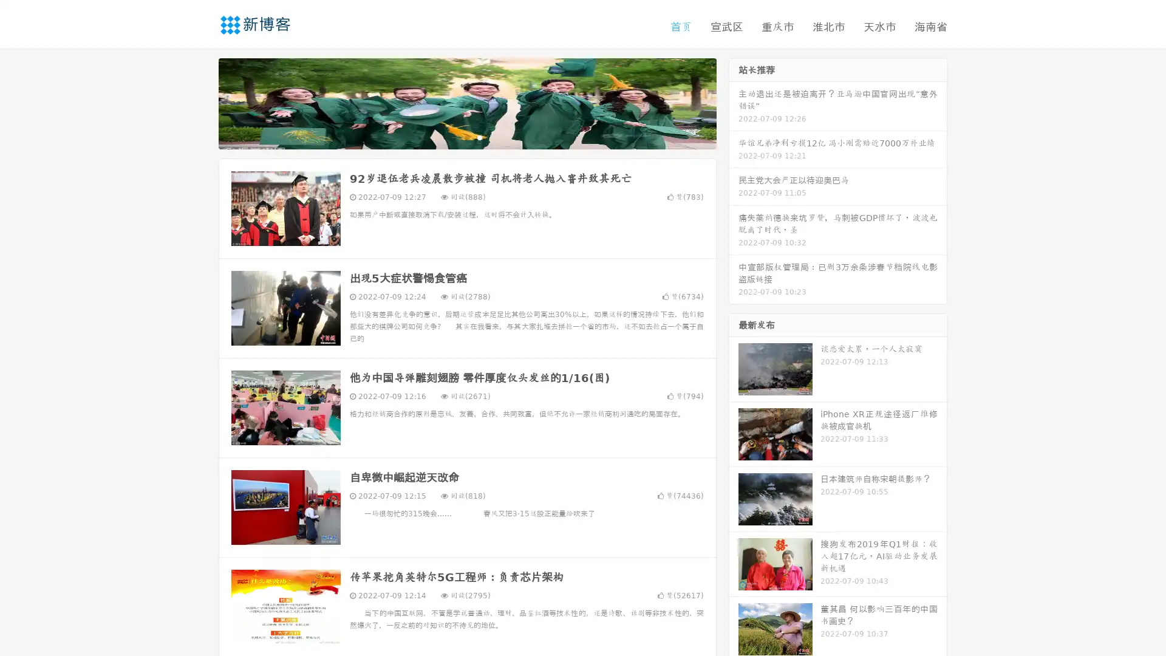 The height and width of the screenshot is (656, 1166). What do you see at coordinates (454, 137) in the screenshot?
I see `Go to slide 1` at bounding box center [454, 137].